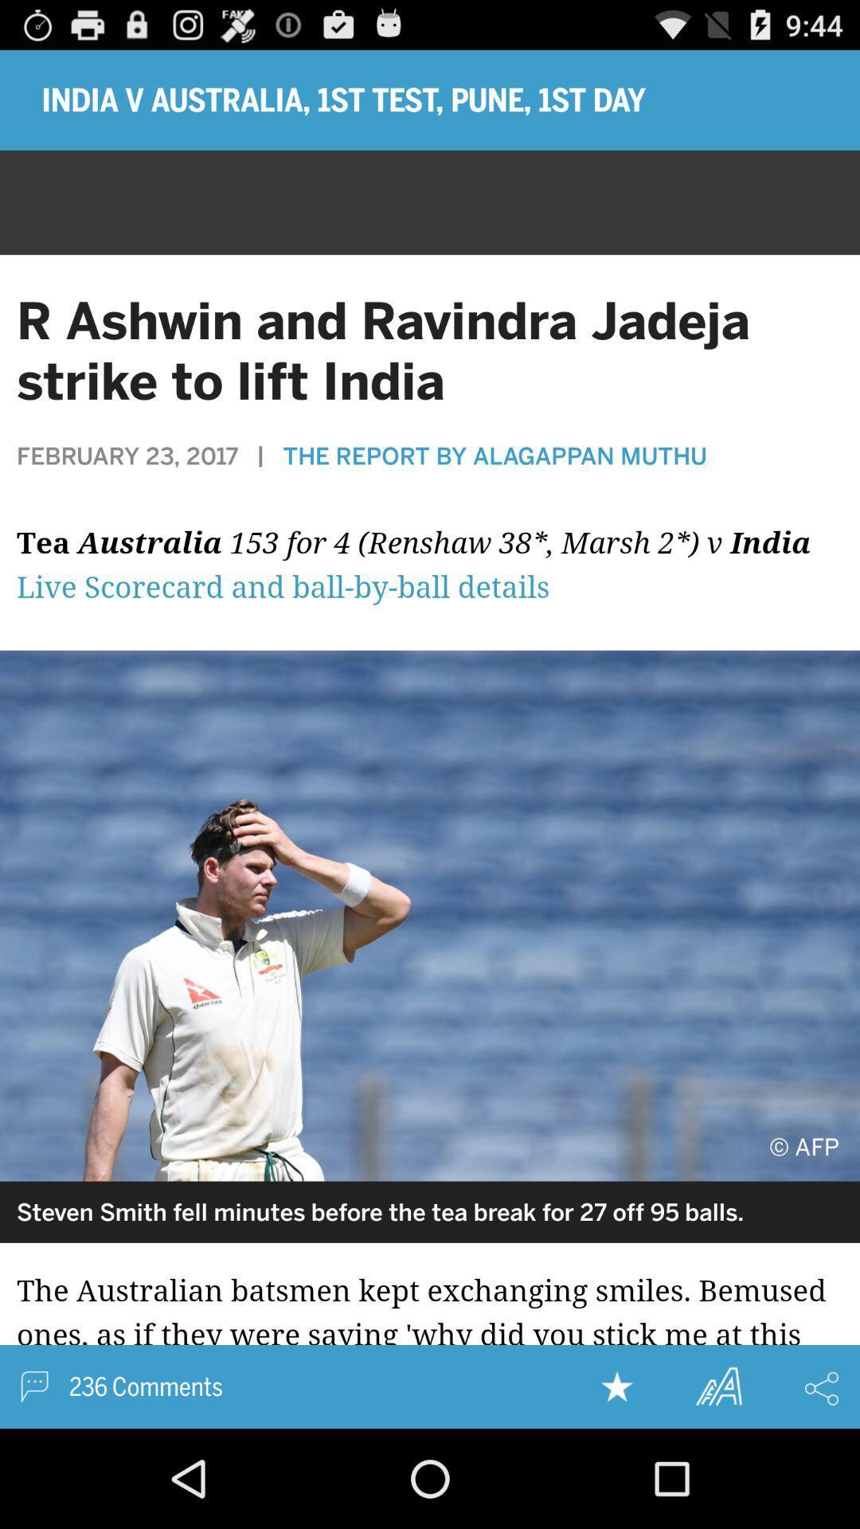 This screenshot has height=1529, width=860. What do you see at coordinates (616, 1386) in the screenshot?
I see `favorite` at bounding box center [616, 1386].